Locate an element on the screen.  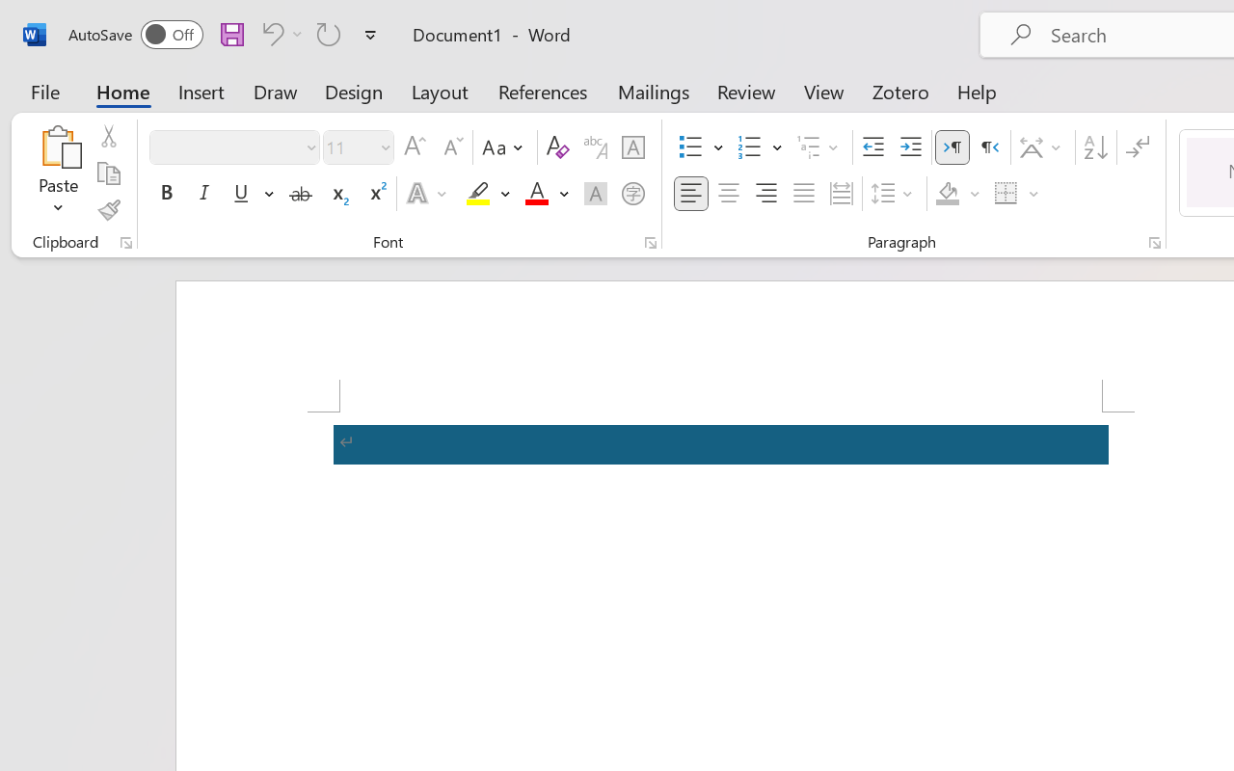
'Undo Apply Quick Style Set' is located at coordinates (279, 33).